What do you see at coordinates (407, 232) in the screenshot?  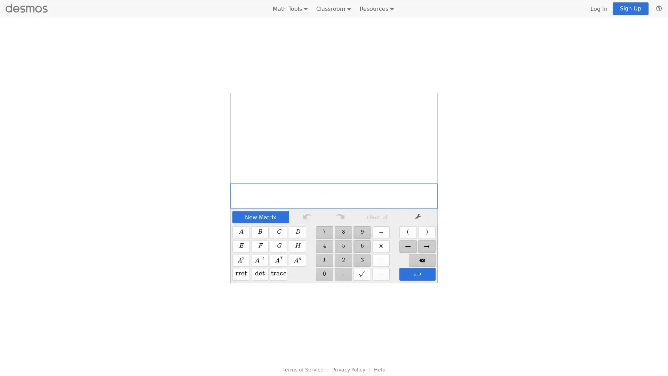 I see `Left Parenthesis` at bounding box center [407, 232].